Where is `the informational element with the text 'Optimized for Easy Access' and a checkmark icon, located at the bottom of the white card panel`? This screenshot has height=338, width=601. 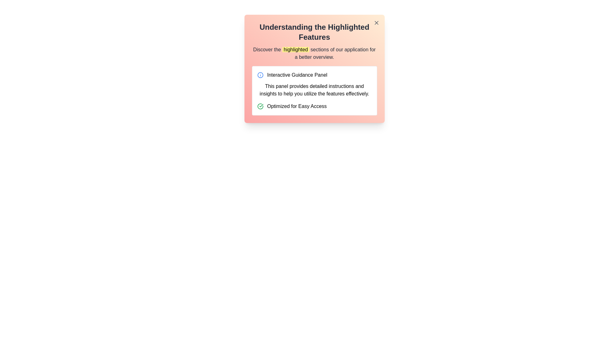 the informational element with the text 'Optimized for Easy Access' and a checkmark icon, located at the bottom of the white card panel is located at coordinates (314, 106).